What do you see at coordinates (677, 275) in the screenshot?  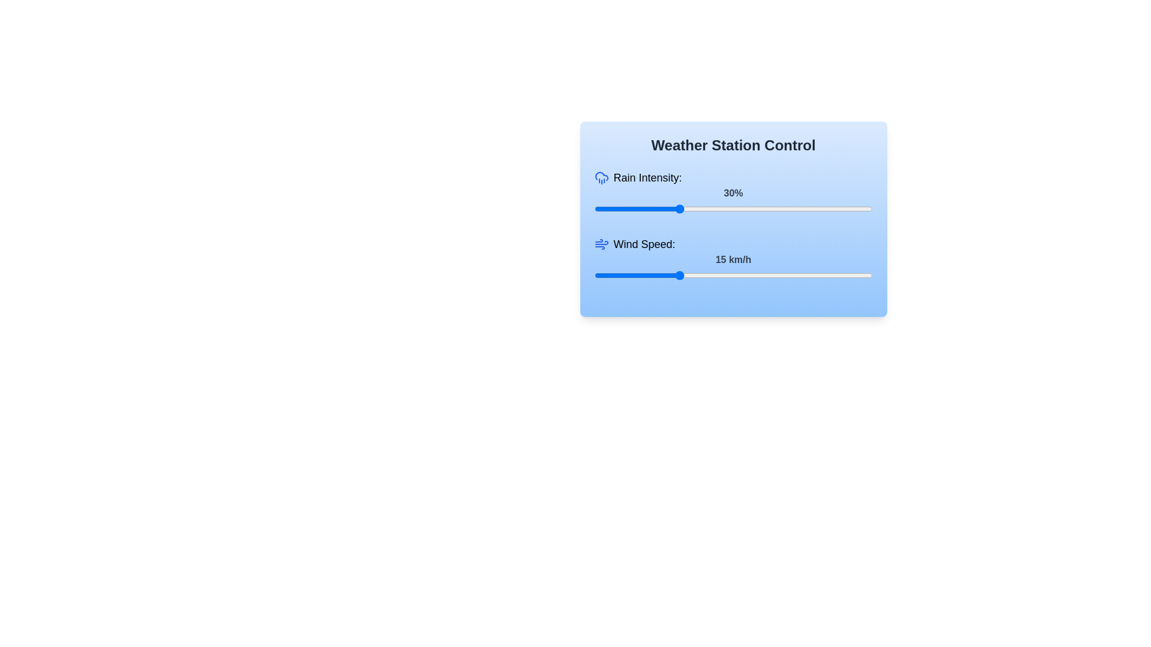 I see `the wind speed slider to set the value to 15 km/h` at bounding box center [677, 275].